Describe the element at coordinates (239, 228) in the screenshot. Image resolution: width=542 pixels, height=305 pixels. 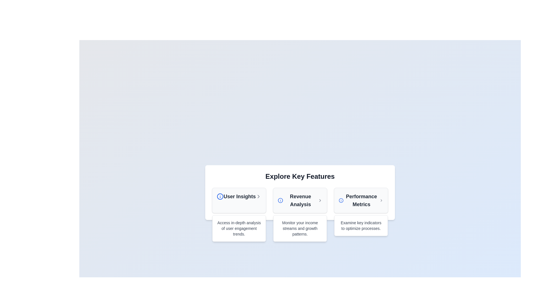
I see `descriptive text element containing the phrase 'Access in-depth analysis of user engagement trends.' located beneath the 'User Insights' card` at that location.